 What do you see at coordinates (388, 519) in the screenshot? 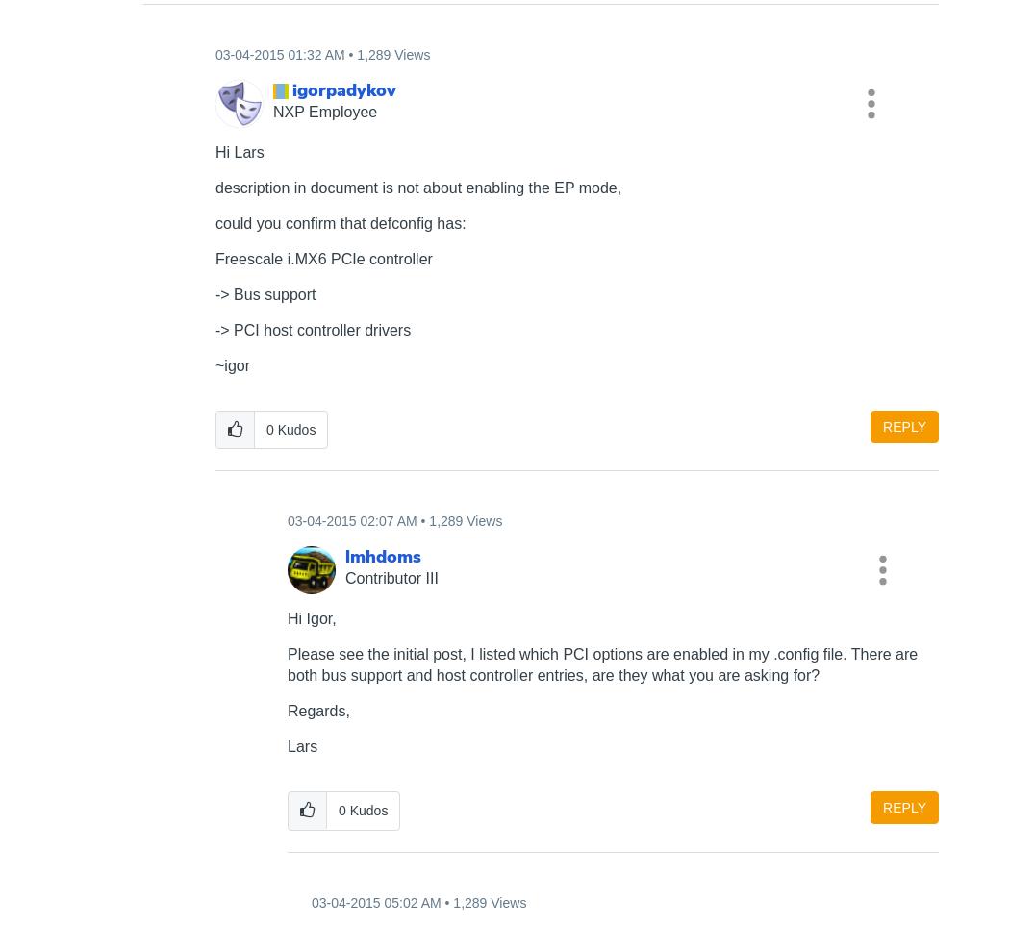
I see `'02:07 AM'` at bounding box center [388, 519].